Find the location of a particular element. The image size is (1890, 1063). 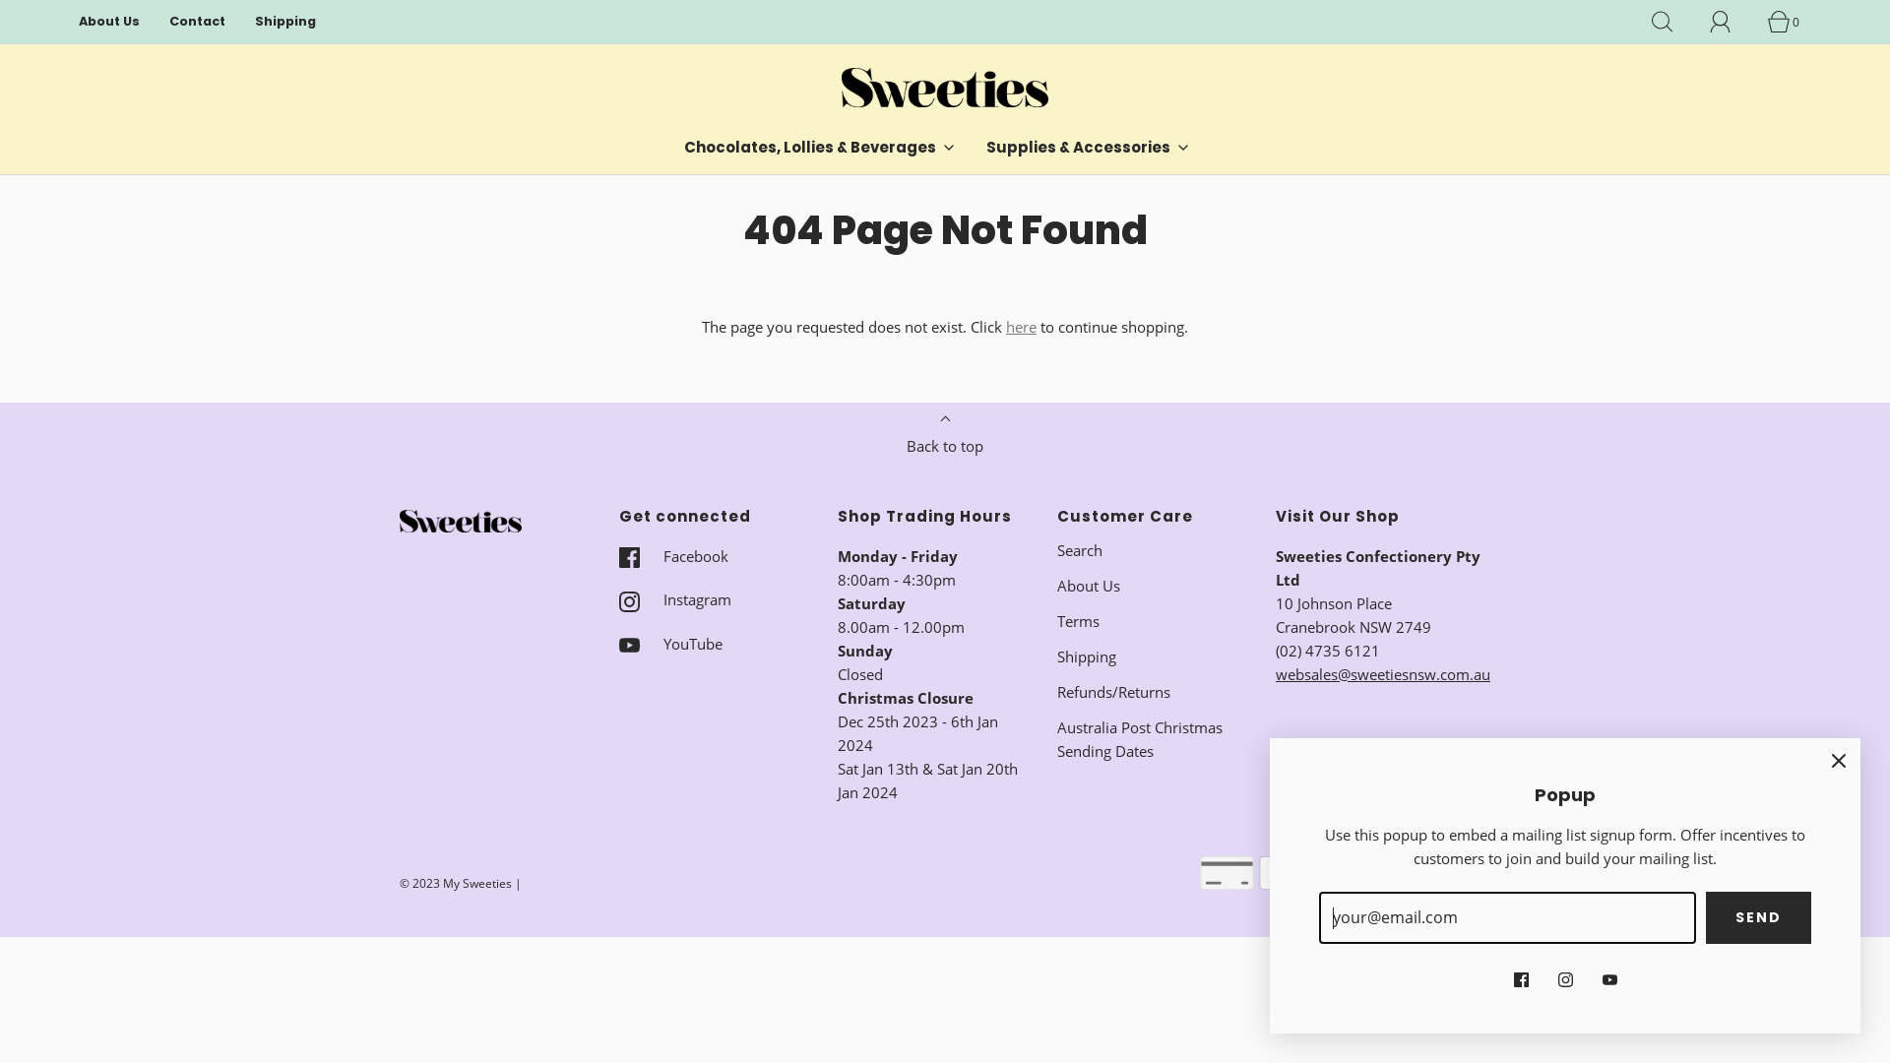

'Instagram icon Instagram' is located at coordinates (674, 598).